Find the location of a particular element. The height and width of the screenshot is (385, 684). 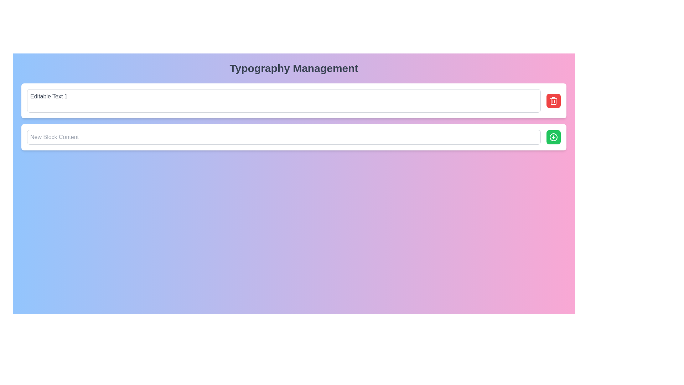

the red circular trash bin icon button with a white delete symbol is located at coordinates (553, 101).